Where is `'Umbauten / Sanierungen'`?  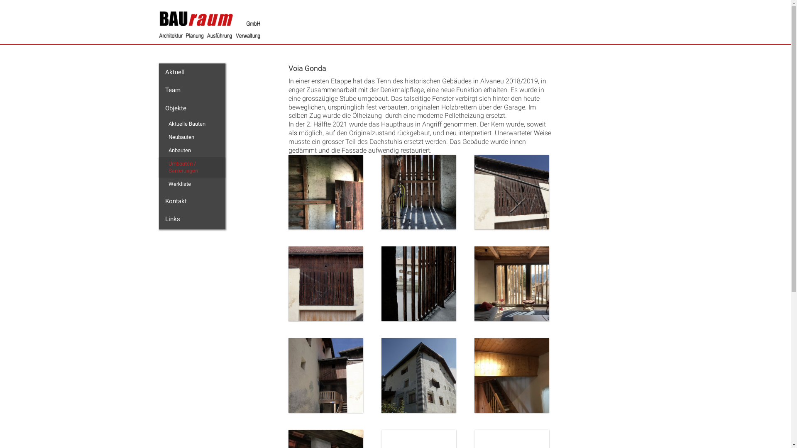 'Umbauten / Sanierungen' is located at coordinates (161, 167).